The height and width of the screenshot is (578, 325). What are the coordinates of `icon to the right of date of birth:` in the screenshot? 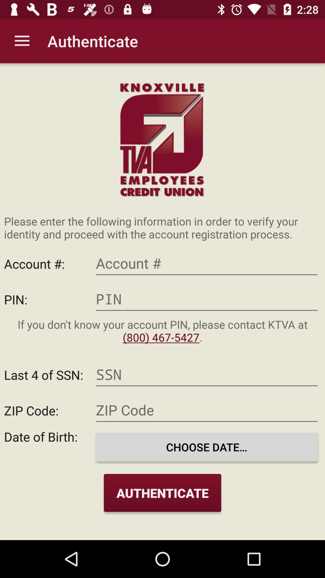 It's located at (206, 447).